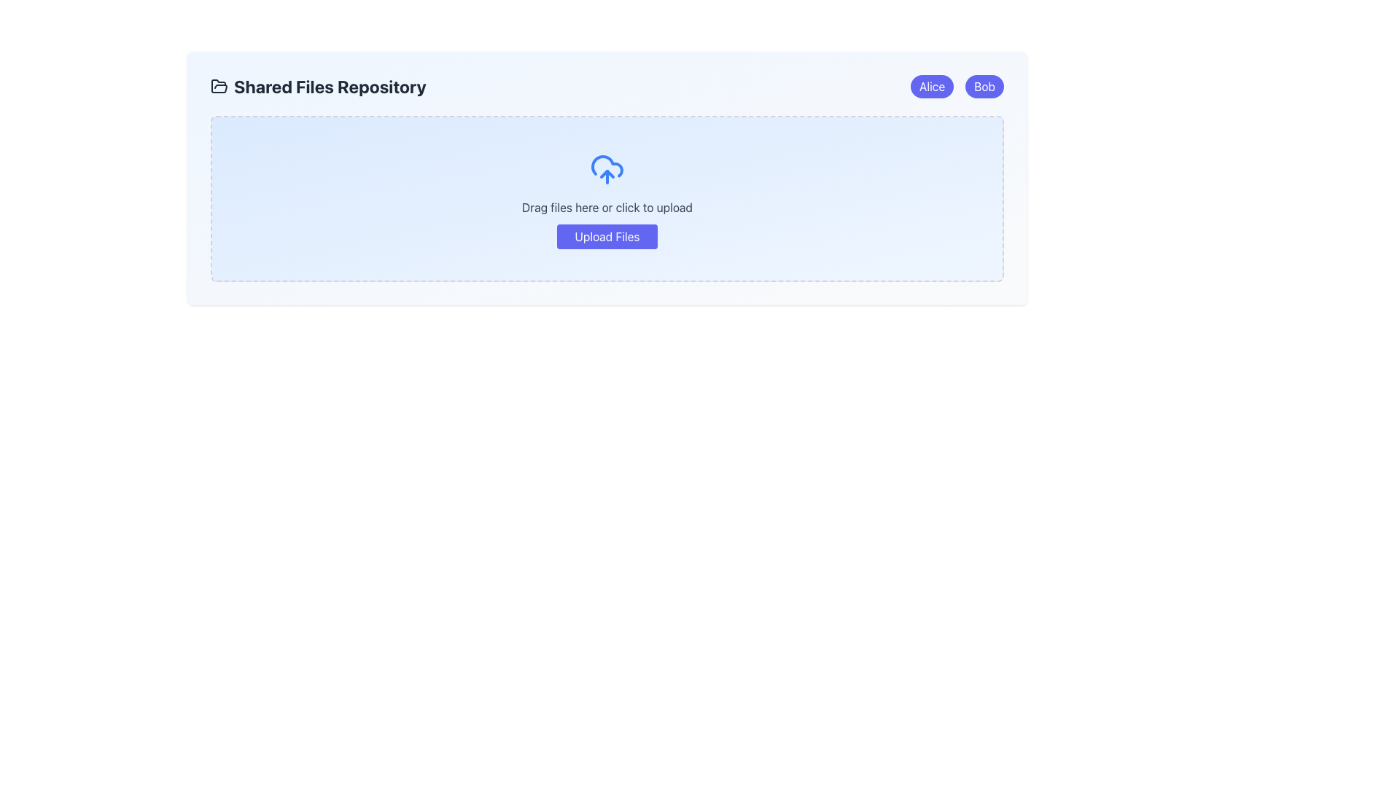  Describe the element at coordinates (607, 208) in the screenshot. I see `the text label displaying 'Drag files here or click to upload', which is located between the cloud icon above and the 'Upload Files' button below` at that location.